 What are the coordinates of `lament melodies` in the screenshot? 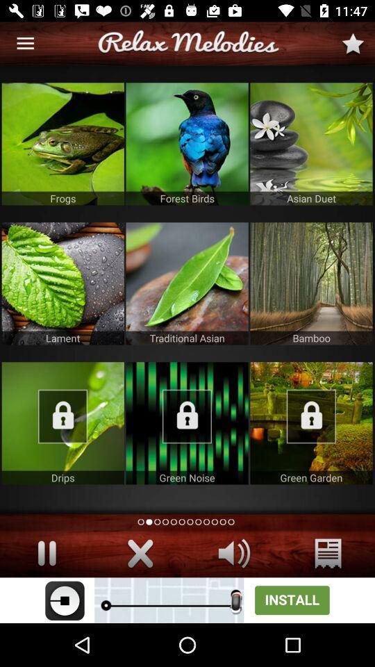 It's located at (62, 283).